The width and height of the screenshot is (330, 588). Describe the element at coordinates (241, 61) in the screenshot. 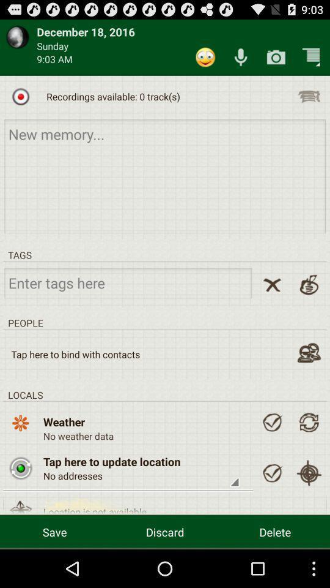

I see `the microphone icon` at that location.